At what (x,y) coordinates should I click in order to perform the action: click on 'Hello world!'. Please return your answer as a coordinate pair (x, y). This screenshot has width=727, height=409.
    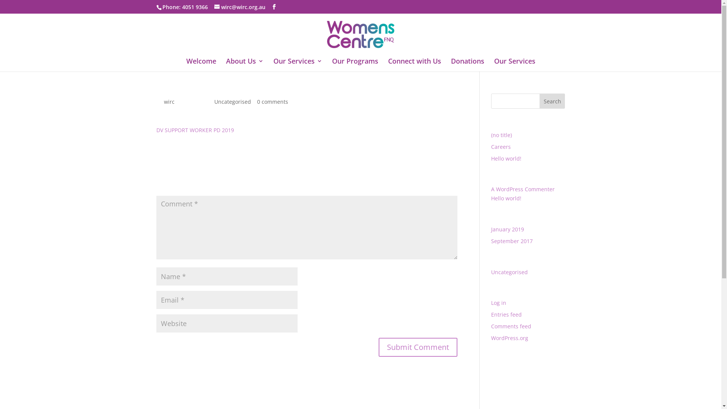
    Looking at the image, I should click on (506, 198).